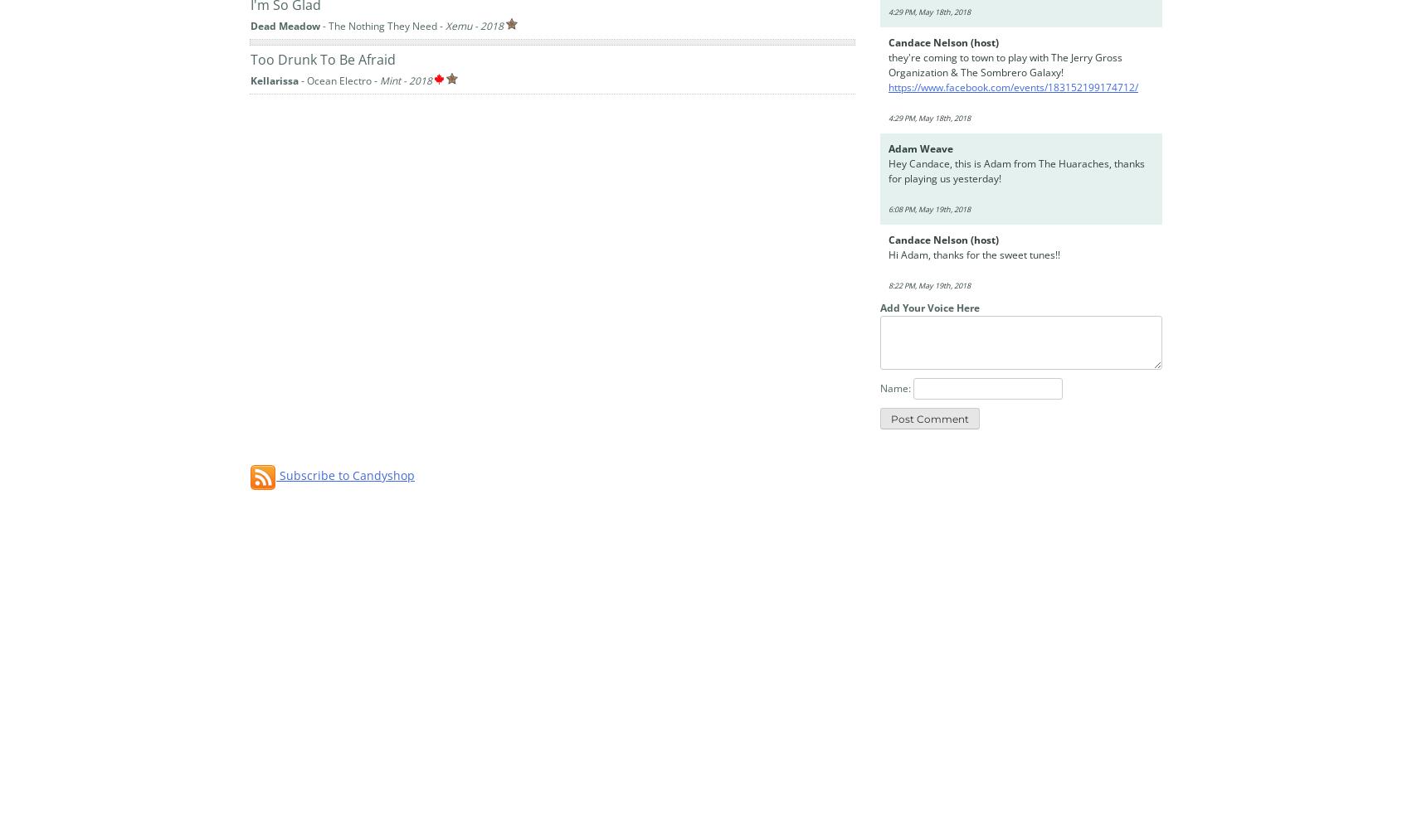 The image size is (1412, 829). I want to click on 'Xemu - 2018', so click(444, 25).